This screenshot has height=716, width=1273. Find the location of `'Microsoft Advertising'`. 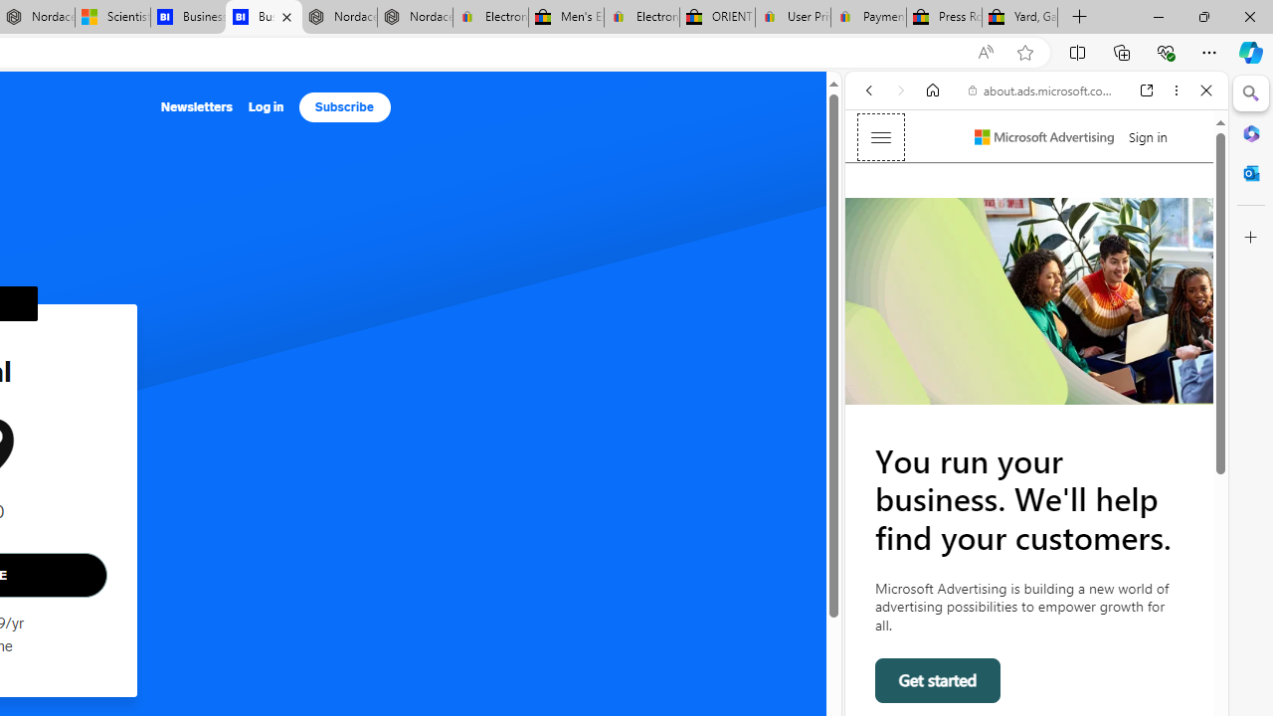

'Microsoft Advertising' is located at coordinates (1043, 136).